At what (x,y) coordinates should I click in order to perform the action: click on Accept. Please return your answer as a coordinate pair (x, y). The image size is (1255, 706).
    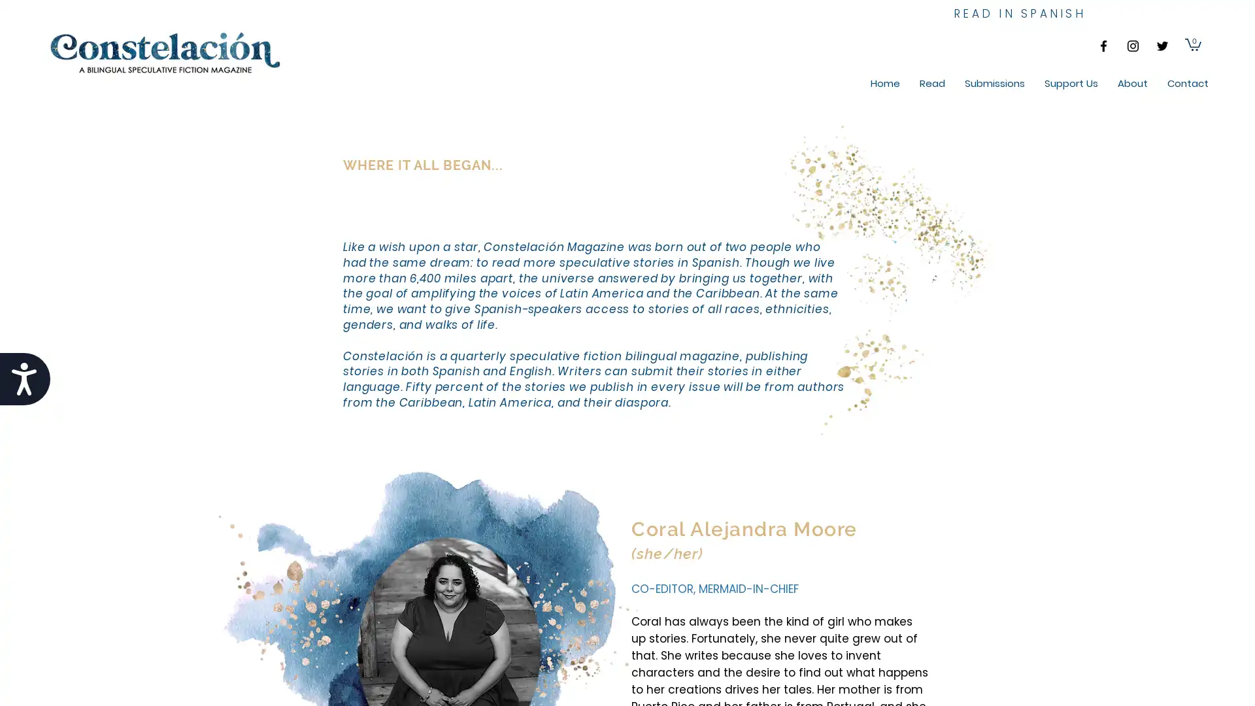
    Looking at the image, I should click on (1196, 682).